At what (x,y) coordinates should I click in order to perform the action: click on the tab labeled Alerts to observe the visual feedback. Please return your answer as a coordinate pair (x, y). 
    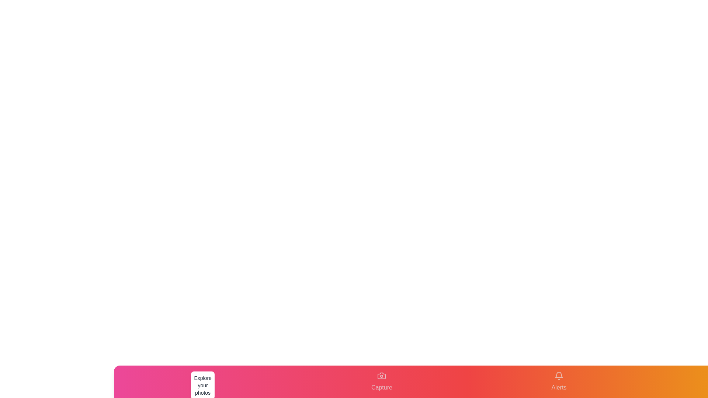
    Looking at the image, I should click on (559, 381).